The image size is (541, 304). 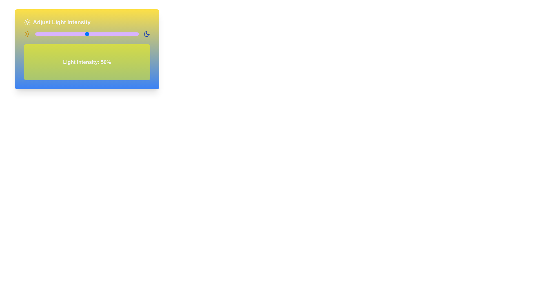 I want to click on the light intensity slider to 9% to observe the corresponding background changes, so click(x=44, y=34).